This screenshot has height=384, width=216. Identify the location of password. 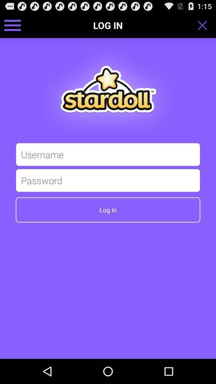
(108, 180).